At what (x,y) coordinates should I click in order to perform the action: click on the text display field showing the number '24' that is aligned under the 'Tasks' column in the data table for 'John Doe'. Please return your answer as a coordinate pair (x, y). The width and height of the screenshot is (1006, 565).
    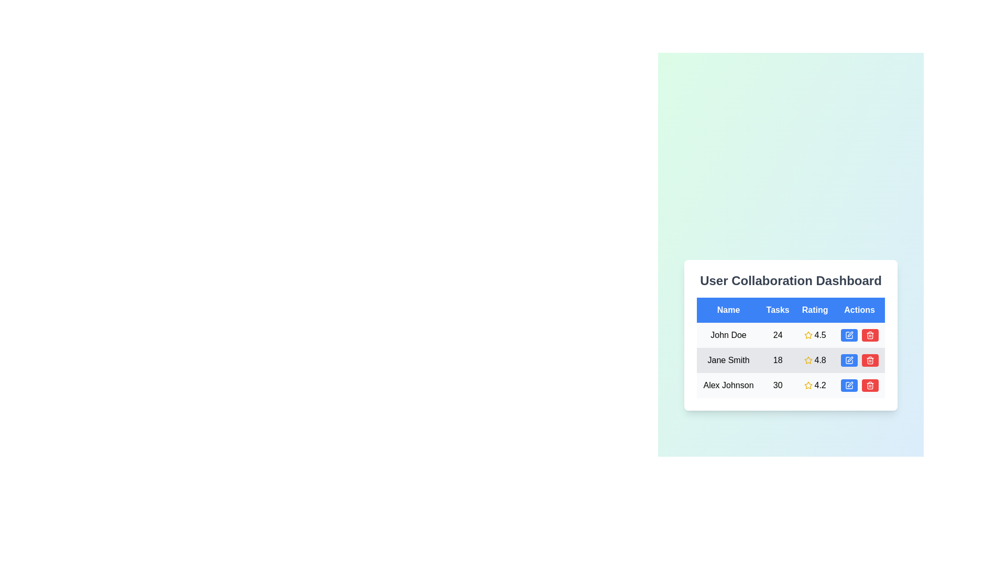
    Looking at the image, I should click on (778, 335).